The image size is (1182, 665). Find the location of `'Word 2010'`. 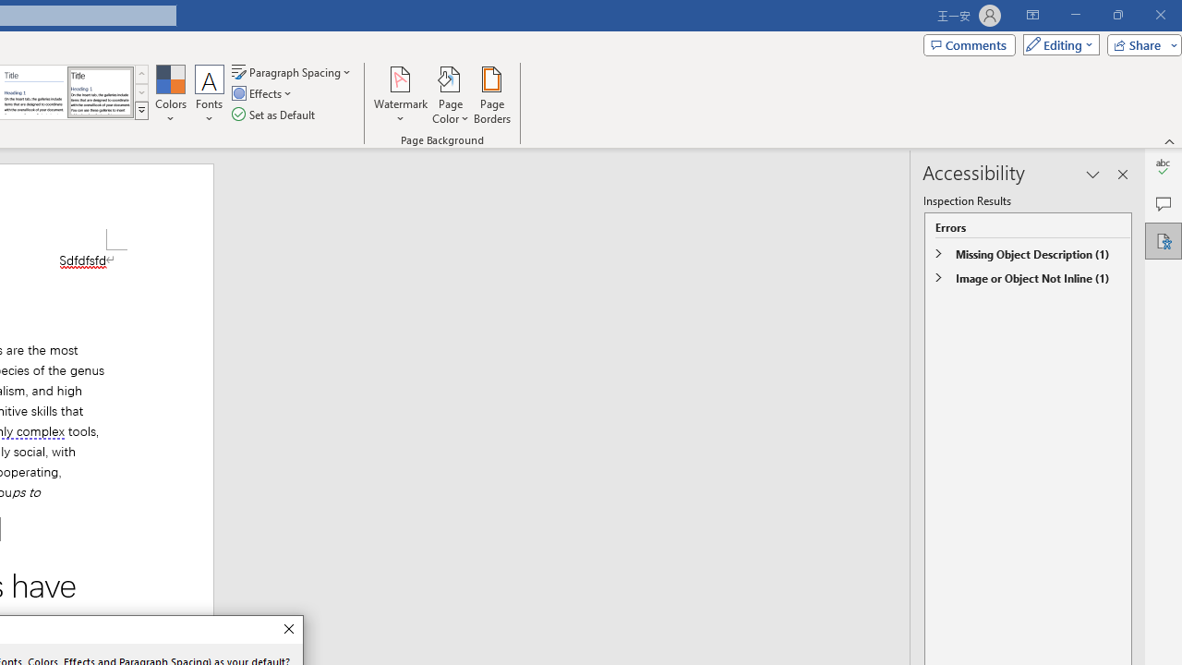

'Word 2010' is located at coordinates (34, 92).